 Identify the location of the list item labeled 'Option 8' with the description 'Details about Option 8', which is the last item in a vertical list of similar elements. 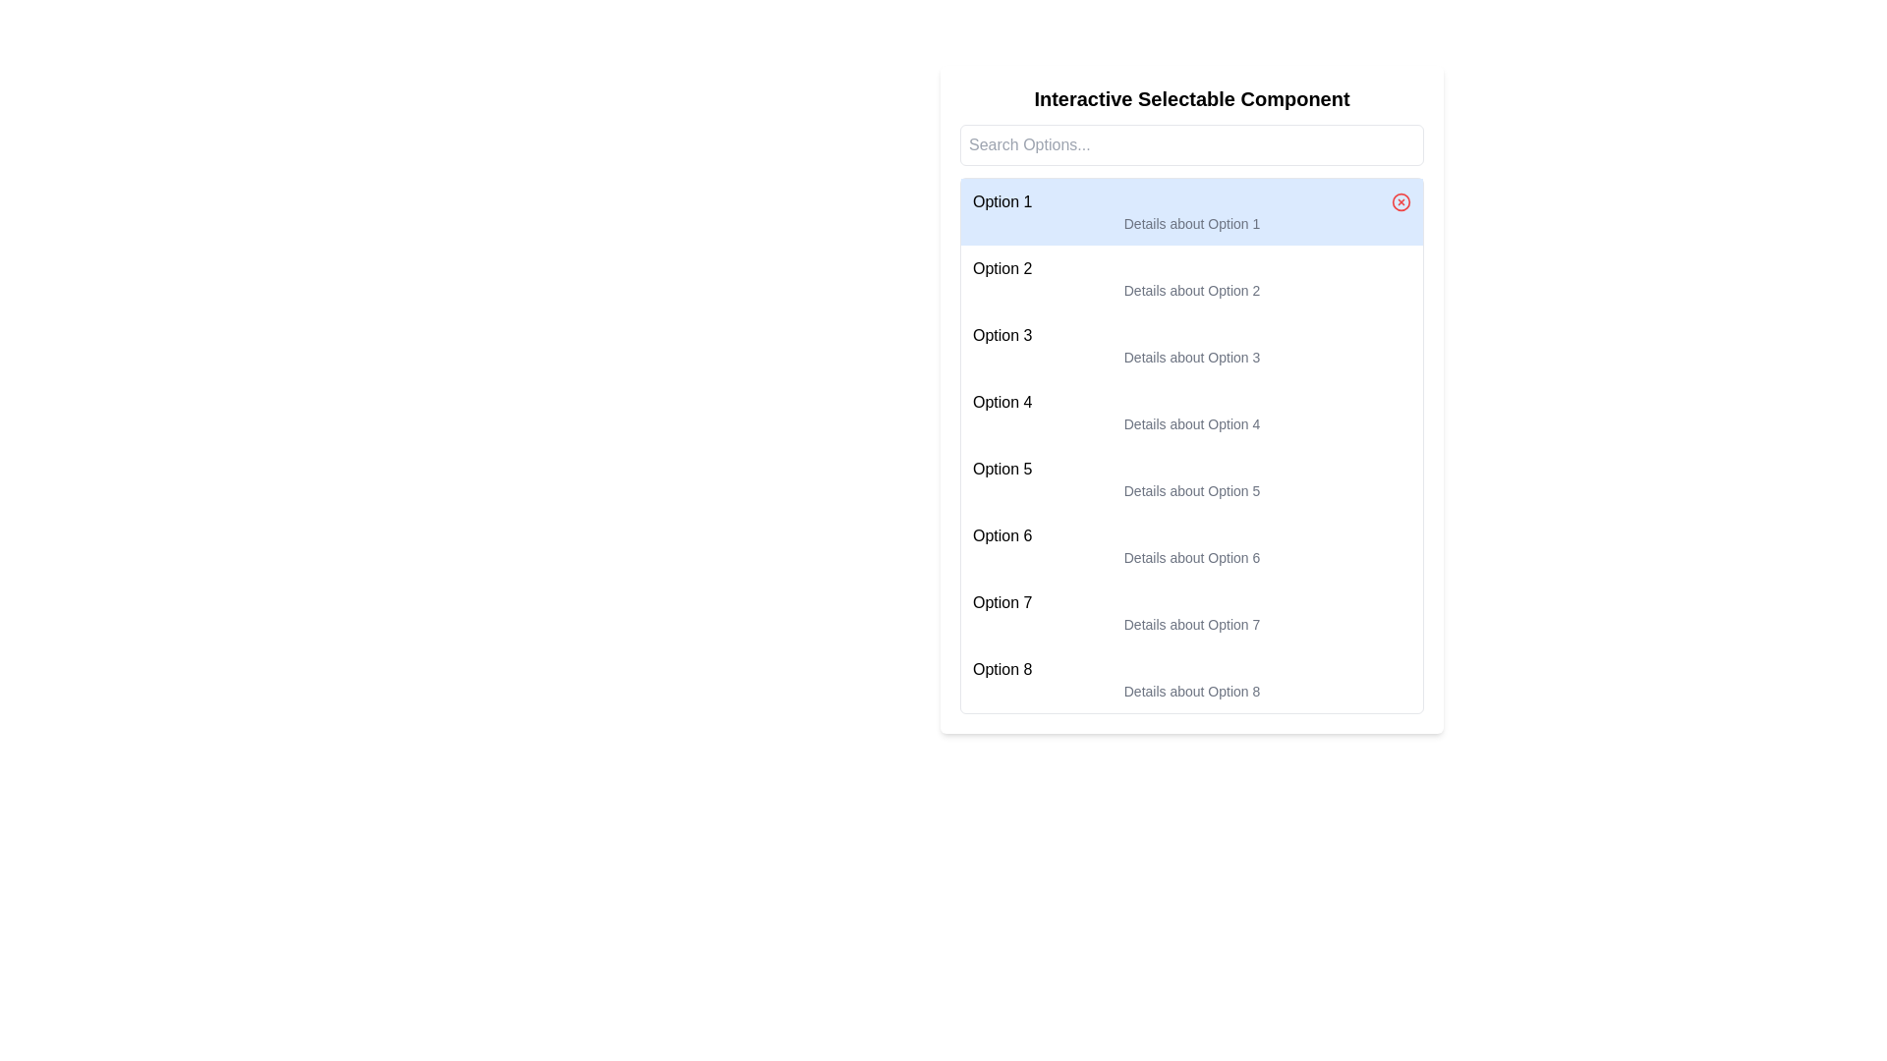
(1191, 678).